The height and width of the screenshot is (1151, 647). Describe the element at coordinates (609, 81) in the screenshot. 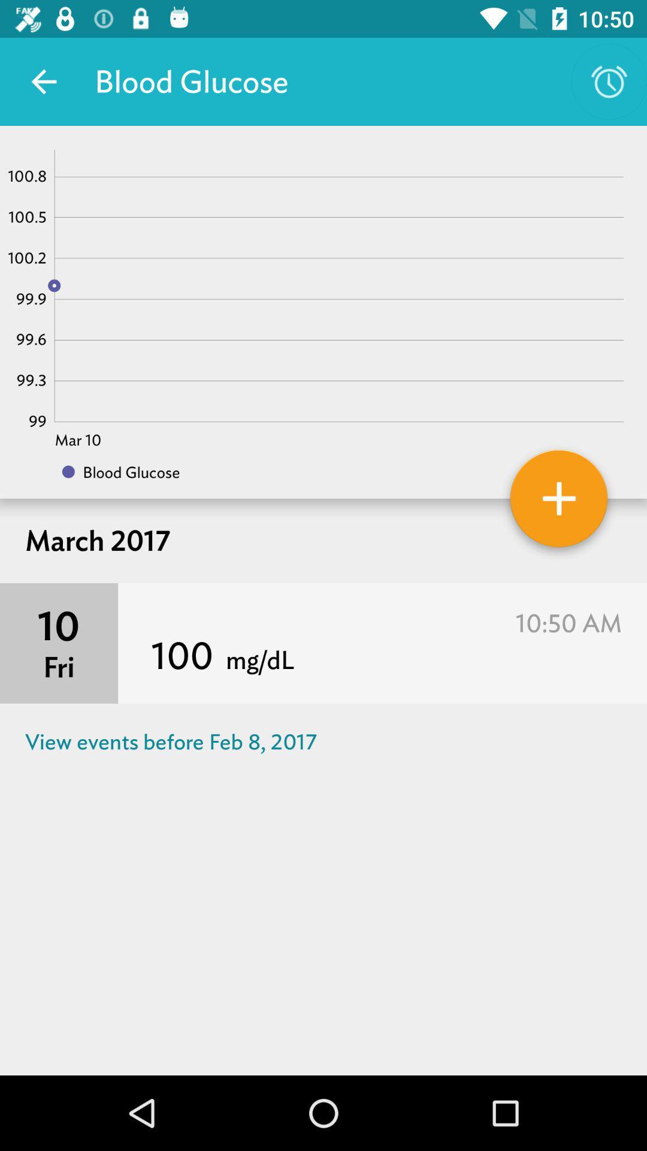

I see `icon to the right of the blood glucose icon` at that location.